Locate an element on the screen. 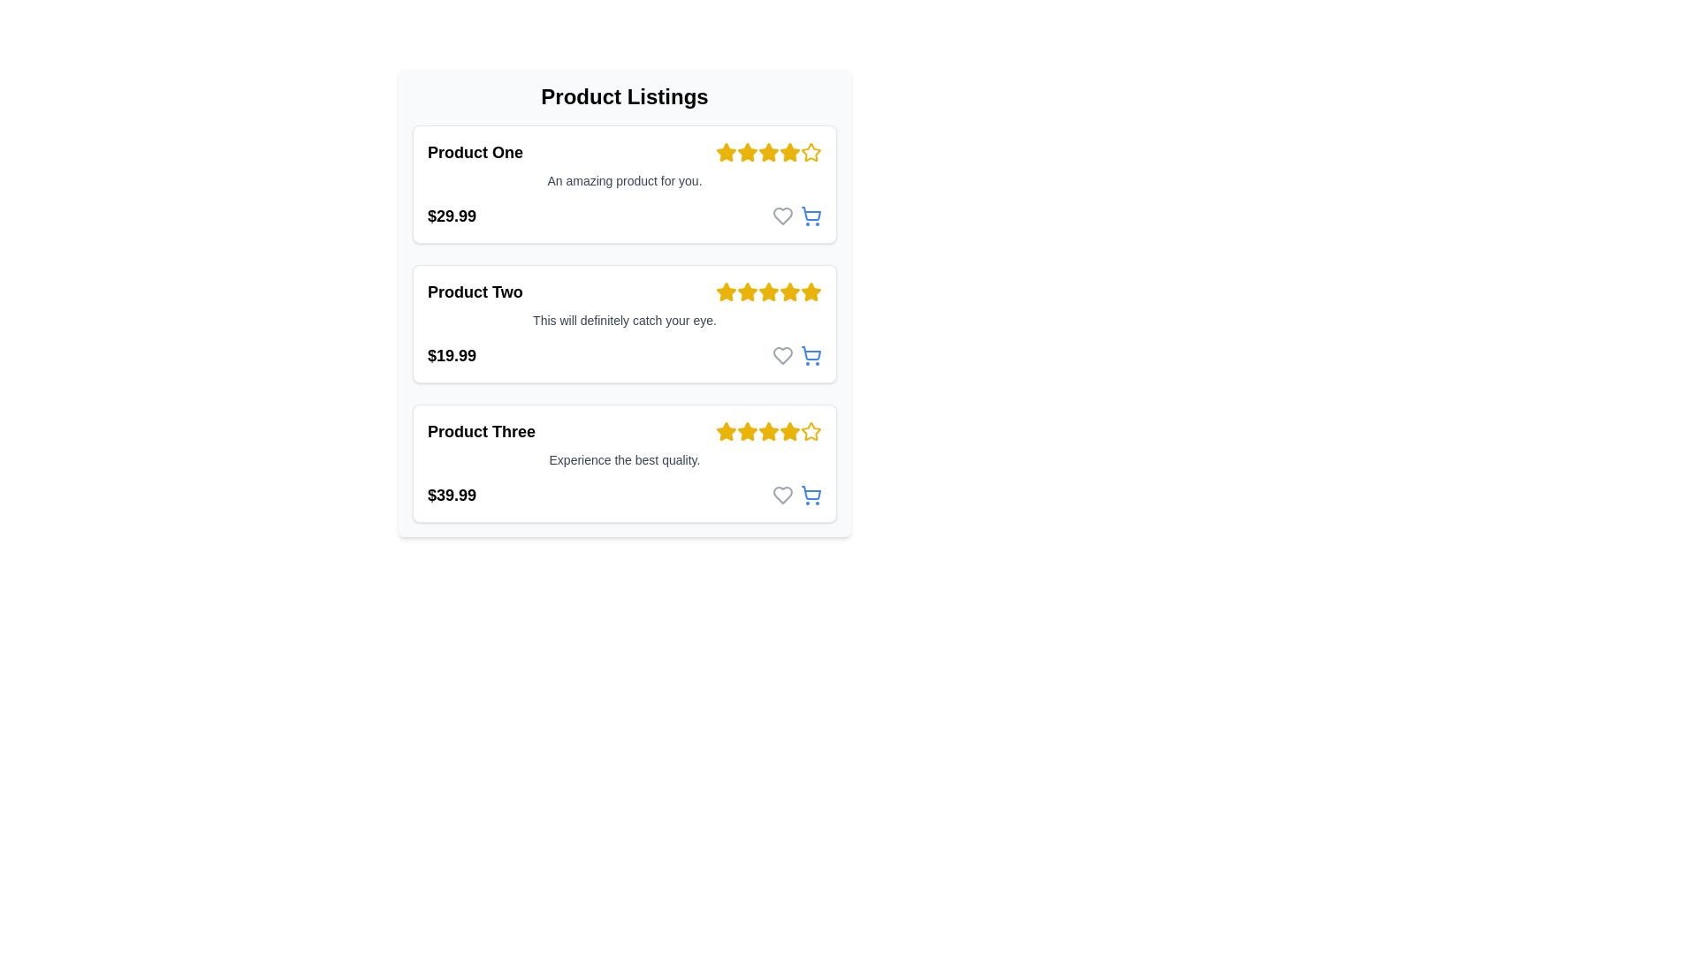 This screenshot has height=954, width=1697. the fifth star icon in the rating system for 'Product Three', which is represented by a yellow filled star with a white center is located at coordinates (810, 431).